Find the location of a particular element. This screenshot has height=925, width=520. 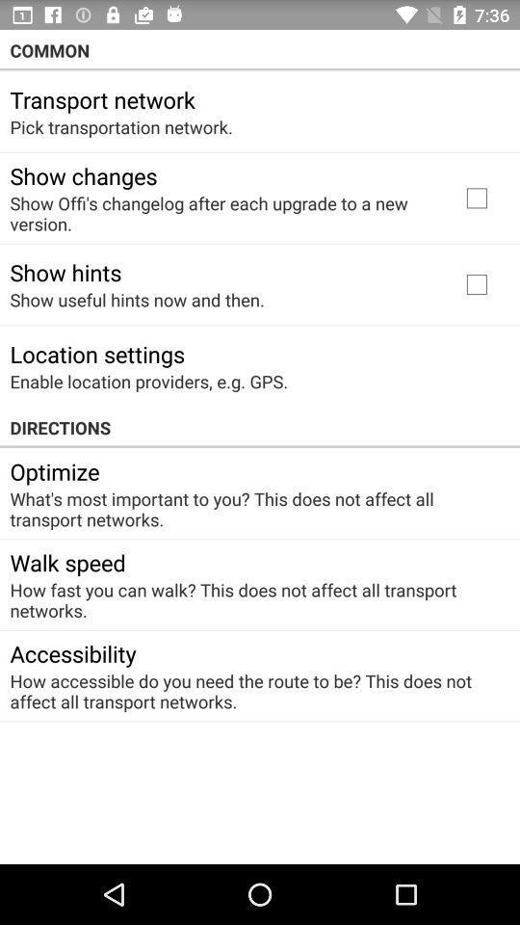

icon below directions item is located at coordinates (55, 470).